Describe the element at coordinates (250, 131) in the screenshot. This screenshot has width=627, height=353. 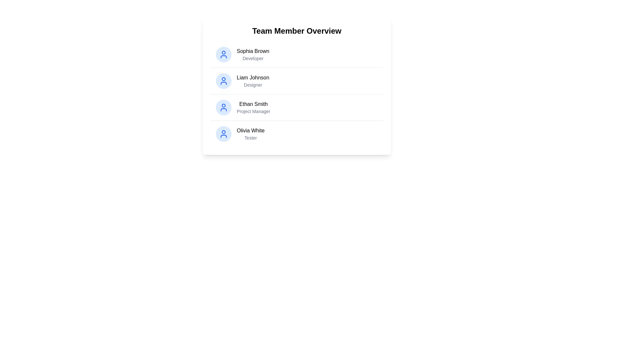
I see `the text label displaying the name 'Olivia White', which is the fourth member in the 'Team Member Overview' list, directly above the role descriptor 'Tester'` at that location.